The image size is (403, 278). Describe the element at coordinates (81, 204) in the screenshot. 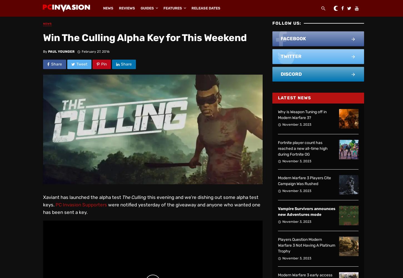

I see `'PC Invasion Supporters'` at that location.